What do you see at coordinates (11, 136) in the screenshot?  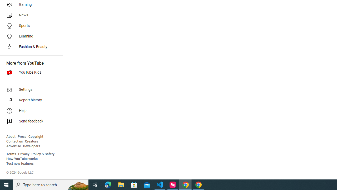 I see `'About'` at bounding box center [11, 136].